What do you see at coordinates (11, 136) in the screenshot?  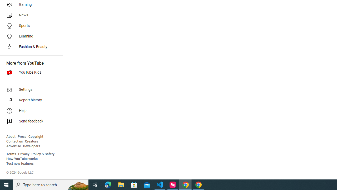 I see `'About'` at bounding box center [11, 136].